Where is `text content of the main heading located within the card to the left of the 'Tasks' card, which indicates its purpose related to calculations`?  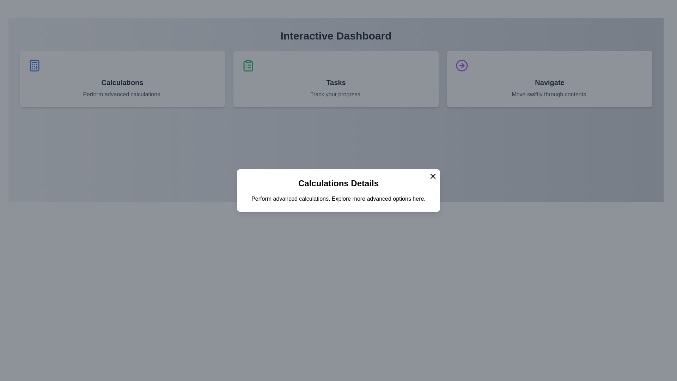 text content of the main heading located within the card to the left of the 'Tasks' card, which indicates its purpose related to calculations is located at coordinates (122, 82).